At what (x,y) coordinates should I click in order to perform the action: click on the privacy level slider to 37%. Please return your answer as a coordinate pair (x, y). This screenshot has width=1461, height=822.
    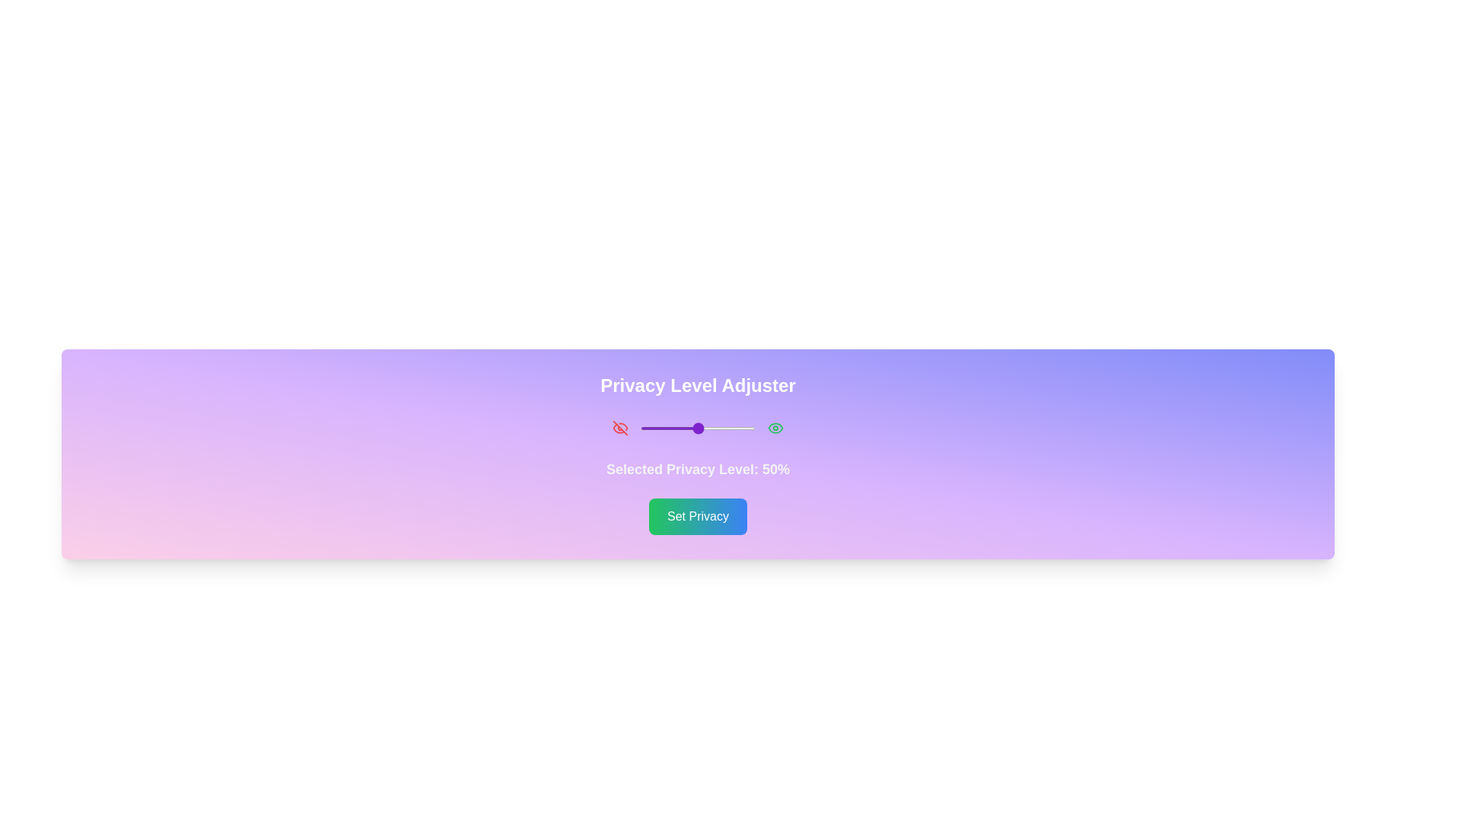
    Looking at the image, I should click on (682, 429).